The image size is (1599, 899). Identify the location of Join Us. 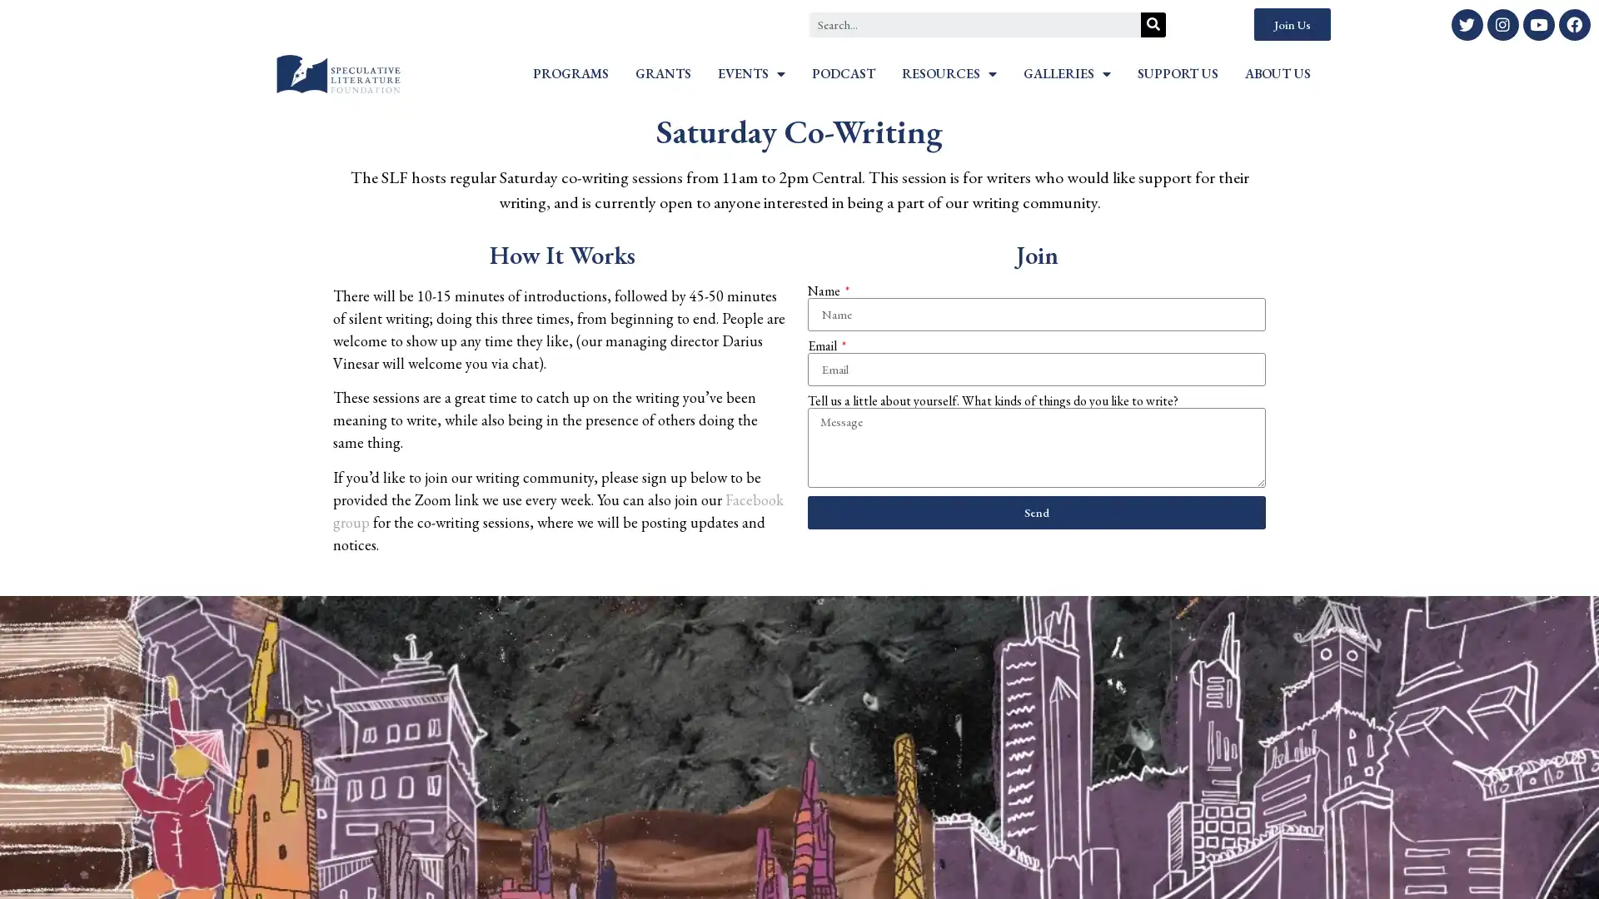
(1291, 24).